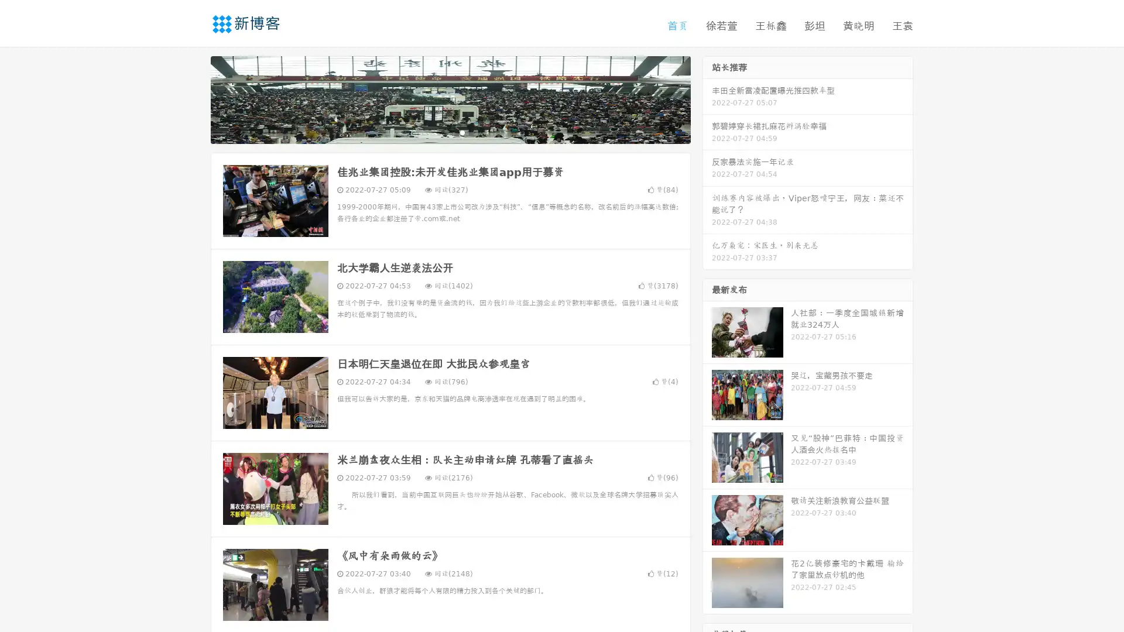 This screenshot has width=1124, height=632. What do you see at coordinates (450, 132) in the screenshot?
I see `Go to slide 2` at bounding box center [450, 132].